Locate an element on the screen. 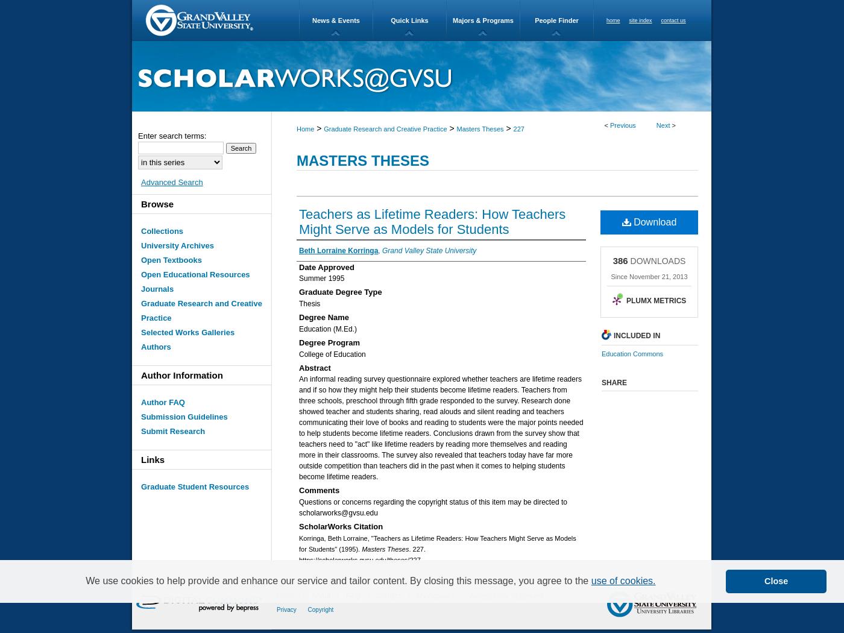 The width and height of the screenshot is (844, 633). 'Links' is located at coordinates (153, 459).